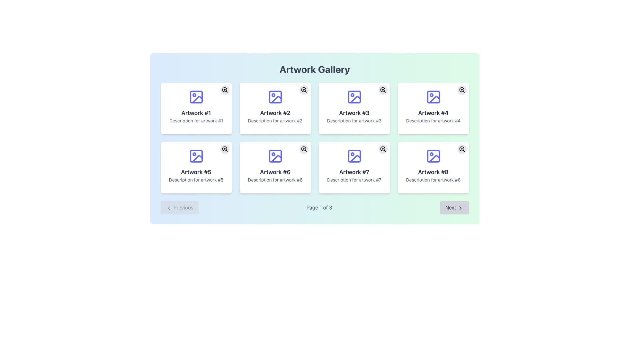  I want to click on the image icon located at the top of the 'Artwork #8' card, which features a geometric outline of a picture frame in indigo color, so click(433, 156).